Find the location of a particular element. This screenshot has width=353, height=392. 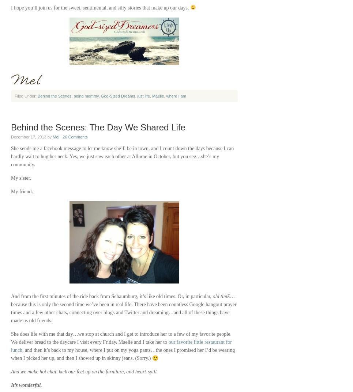

'And we make hot chai, kick our feet up on the furniture, and heart-spill.' is located at coordinates (84, 372).